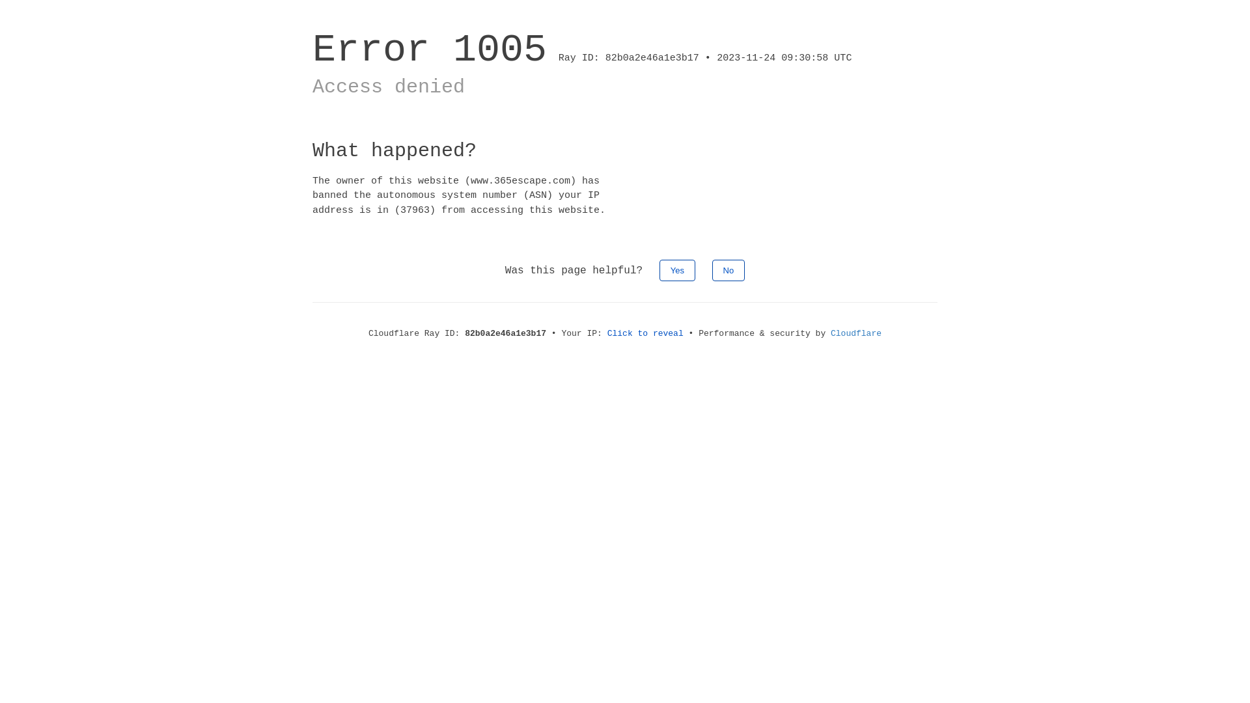 The height and width of the screenshot is (703, 1250). I want to click on 'Cloudflare', so click(856, 333).